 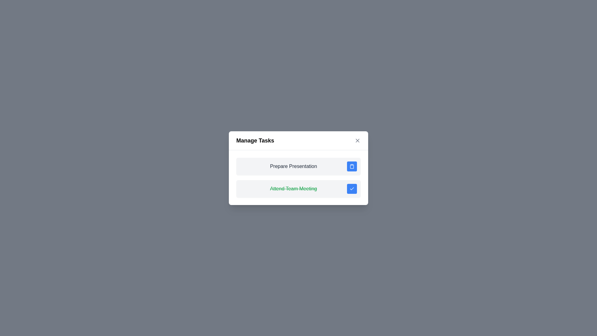 I want to click on the close button to close the dialog, so click(x=358, y=140).